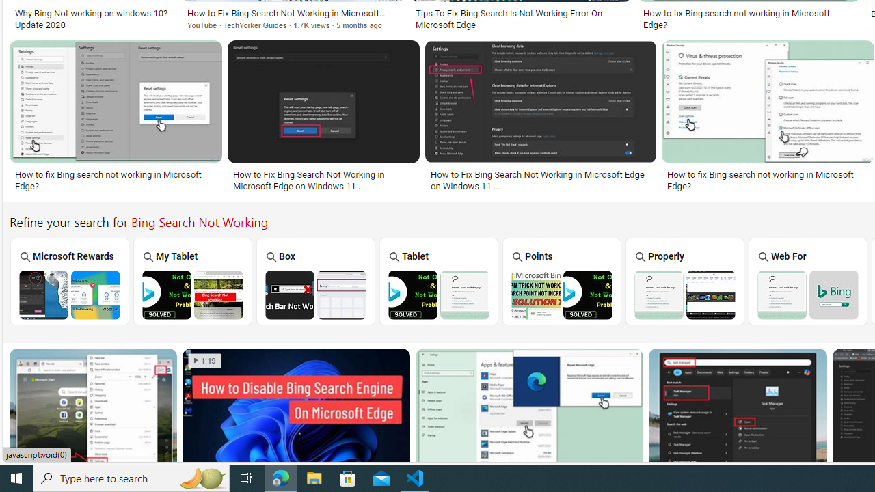  Describe the element at coordinates (807, 294) in the screenshot. I see `'Bing Search the Web for Image Not Working'` at that location.